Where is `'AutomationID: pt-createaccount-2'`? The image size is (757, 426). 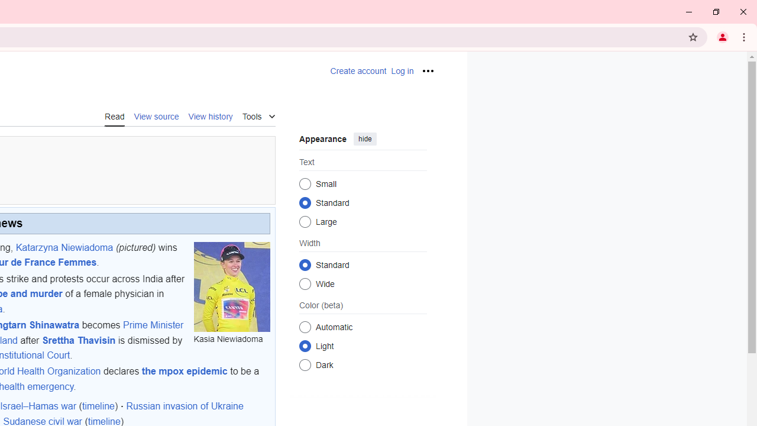
'AutomationID: pt-createaccount-2' is located at coordinates (358, 71).